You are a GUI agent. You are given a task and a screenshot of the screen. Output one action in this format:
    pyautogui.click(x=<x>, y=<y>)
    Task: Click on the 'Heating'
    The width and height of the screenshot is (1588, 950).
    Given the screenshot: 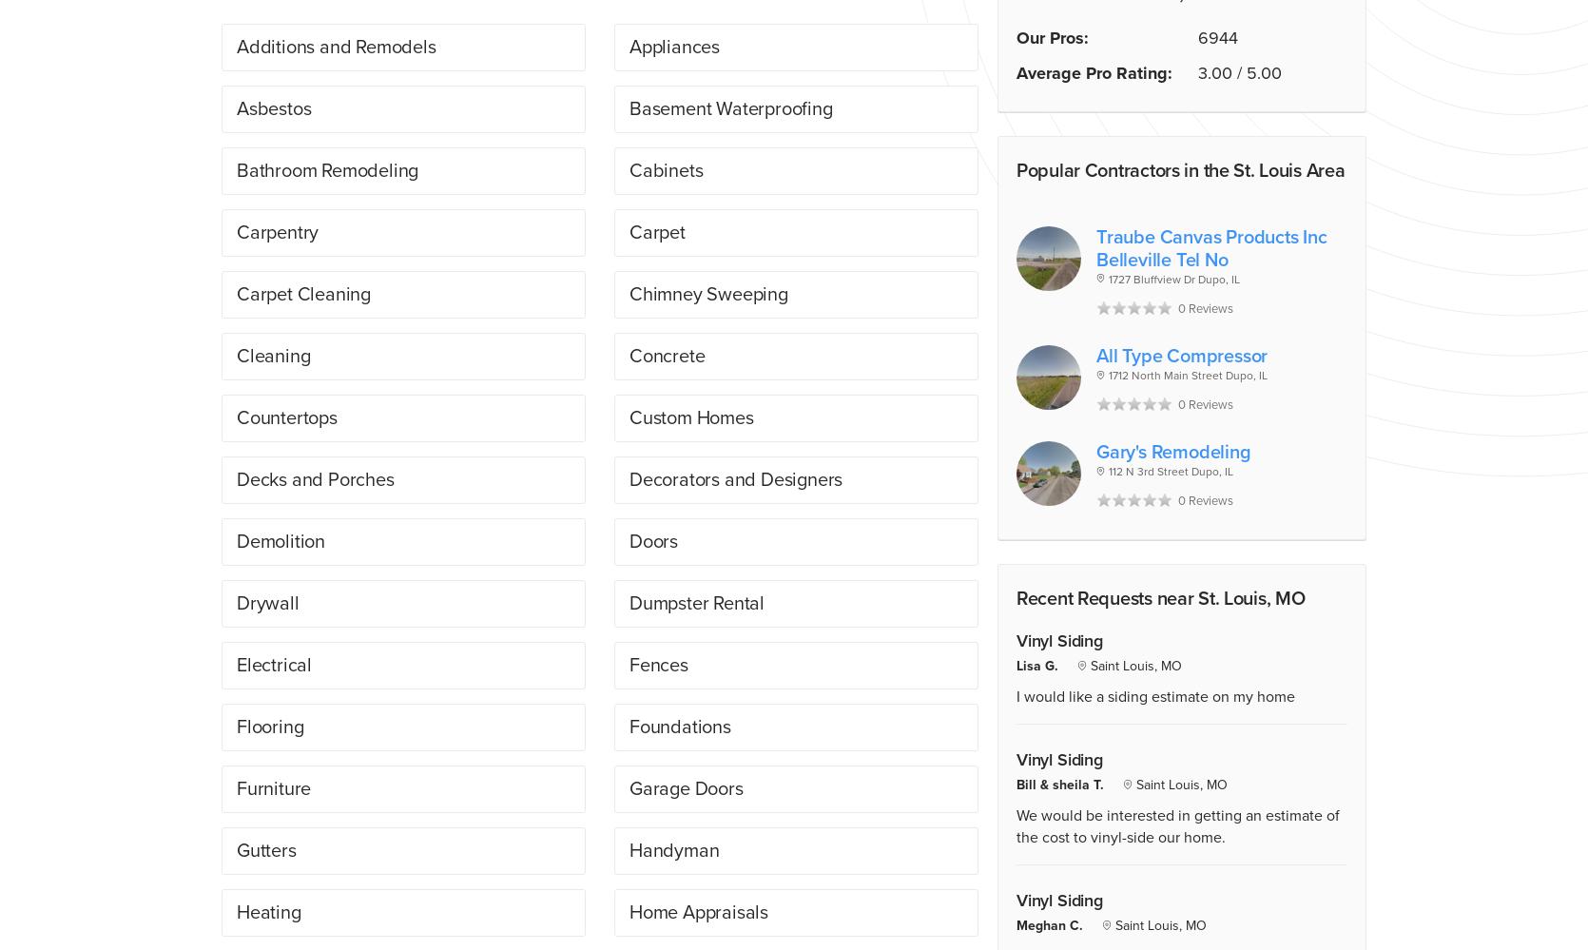 What is the action you would take?
    pyautogui.click(x=267, y=911)
    